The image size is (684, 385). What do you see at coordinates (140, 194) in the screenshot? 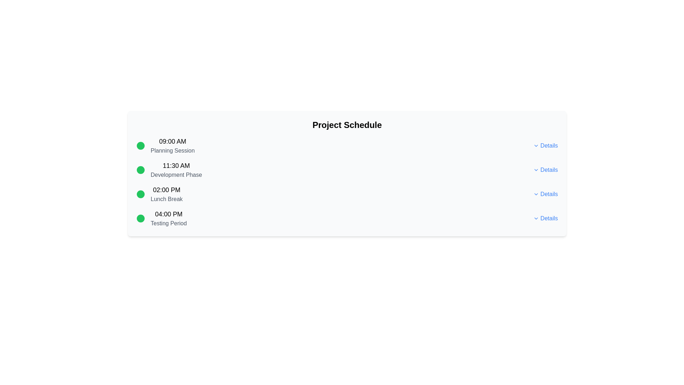
I see `the third green circular indicator in the vertical sequence, which marks the event '02:00 PM Lunch Break'` at bounding box center [140, 194].